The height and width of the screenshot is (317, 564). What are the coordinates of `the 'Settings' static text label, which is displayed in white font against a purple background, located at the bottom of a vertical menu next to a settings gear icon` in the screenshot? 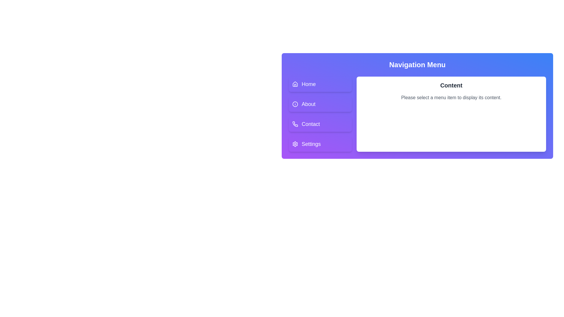 It's located at (311, 144).